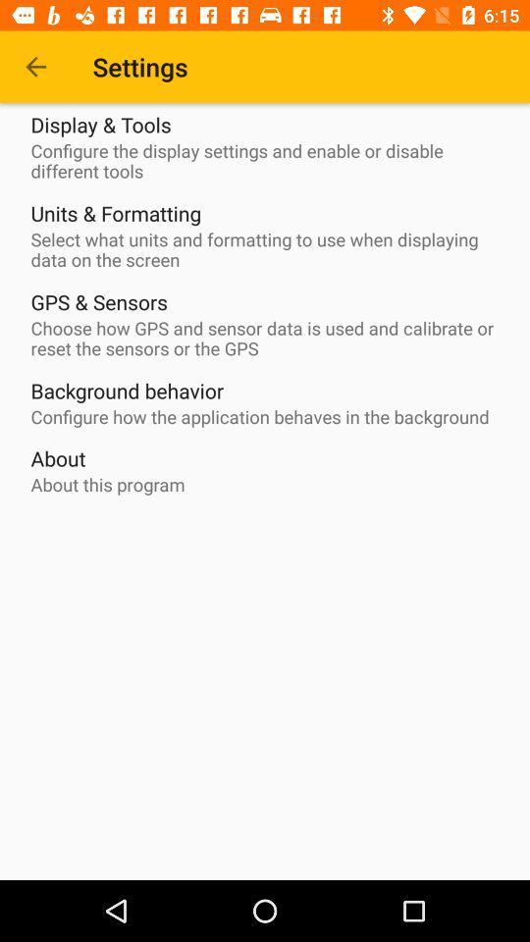  Describe the element at coordinates (108, 483) in the screenshot. I see `icon below about icon` at that location.